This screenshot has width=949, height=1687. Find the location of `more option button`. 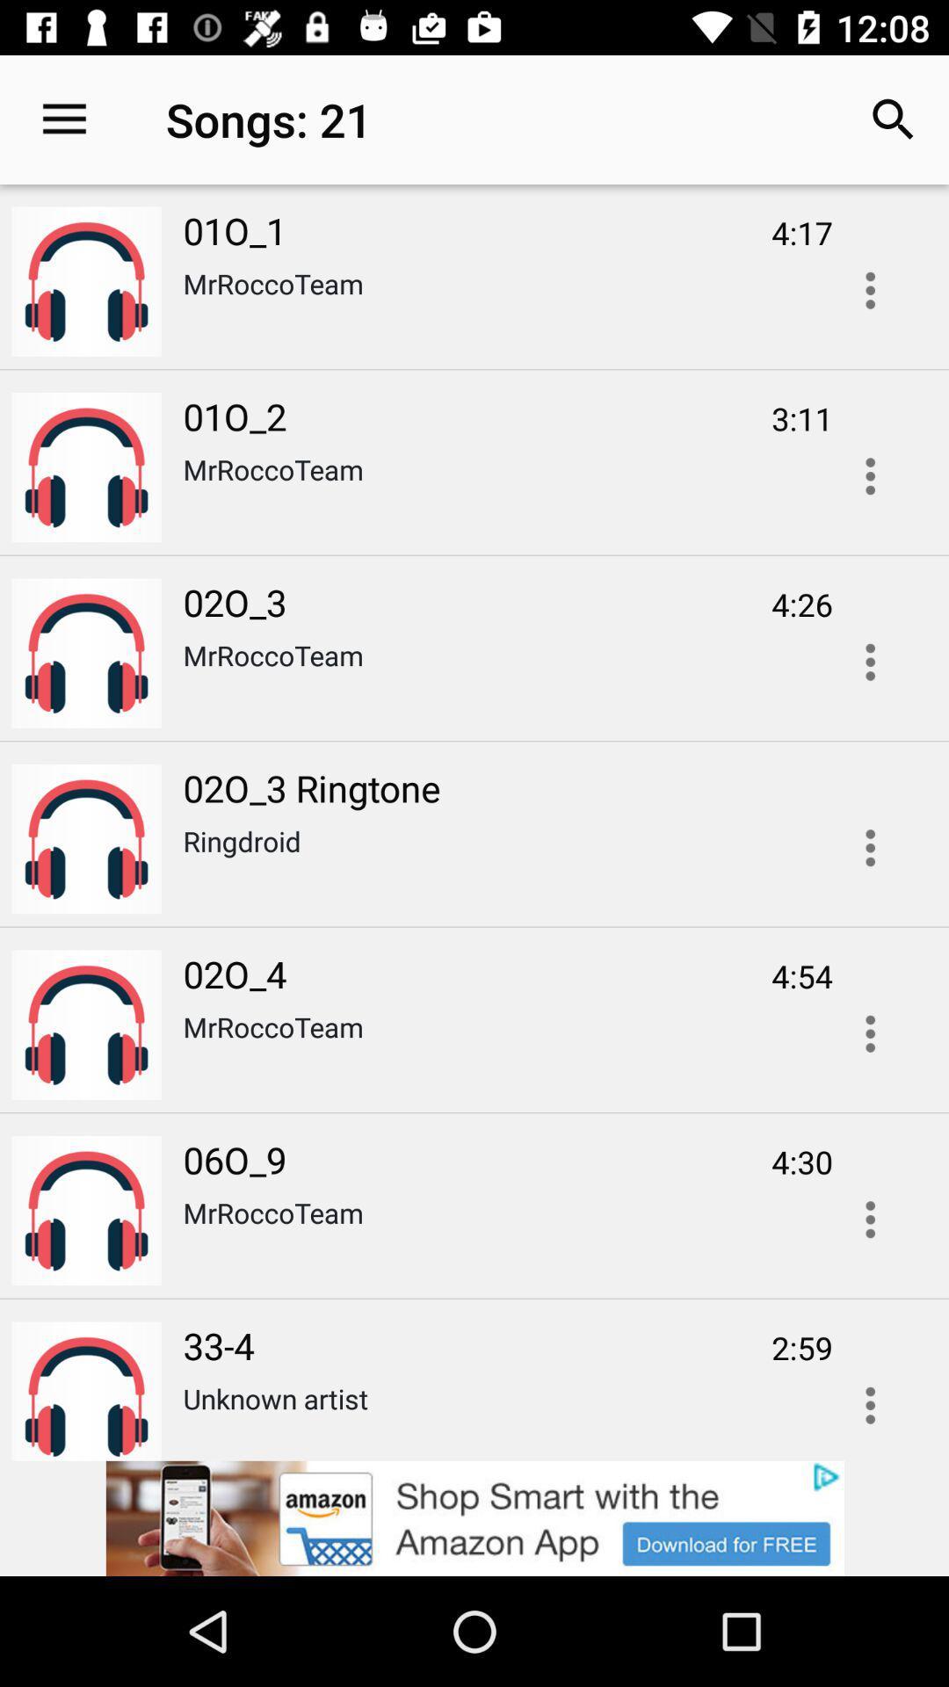

more option button is located at coordinates (870, 1219).